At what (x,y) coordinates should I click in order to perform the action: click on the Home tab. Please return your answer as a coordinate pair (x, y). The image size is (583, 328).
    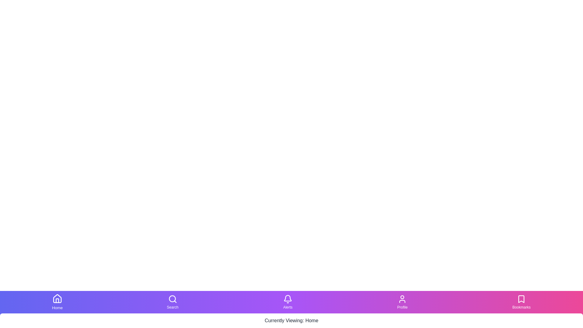
    Looking at the image, I should click on (57, 302).